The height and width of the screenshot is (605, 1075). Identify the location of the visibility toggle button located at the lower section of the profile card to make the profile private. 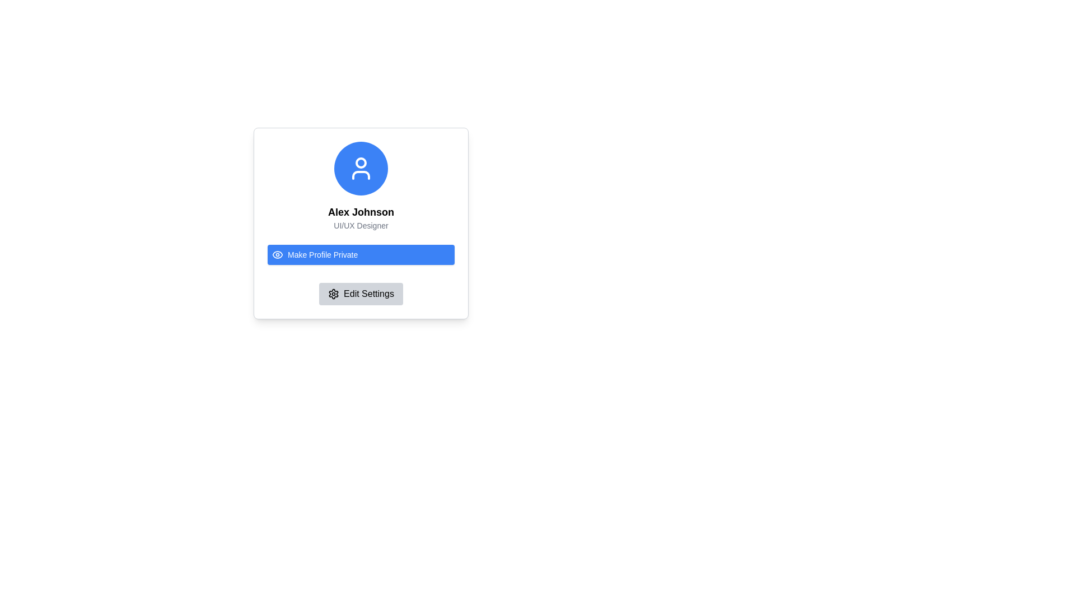
(361, 255).